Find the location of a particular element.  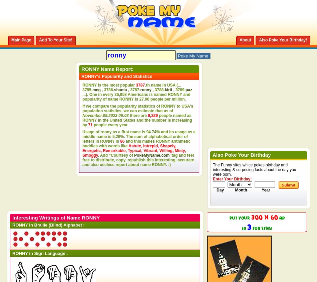

'is the most popular' is located at coordinates (116, 85).